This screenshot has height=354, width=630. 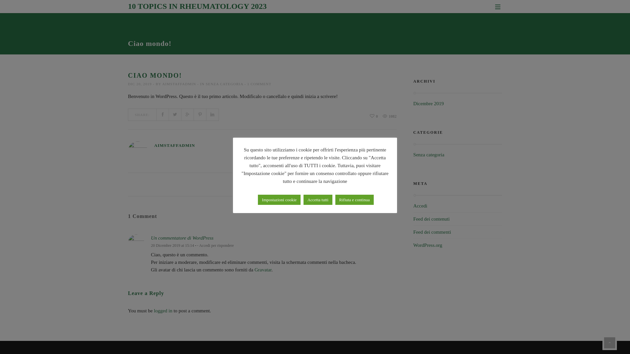 I want to click on 'Un commentatore di WordPress', so click(x=182, y=238).